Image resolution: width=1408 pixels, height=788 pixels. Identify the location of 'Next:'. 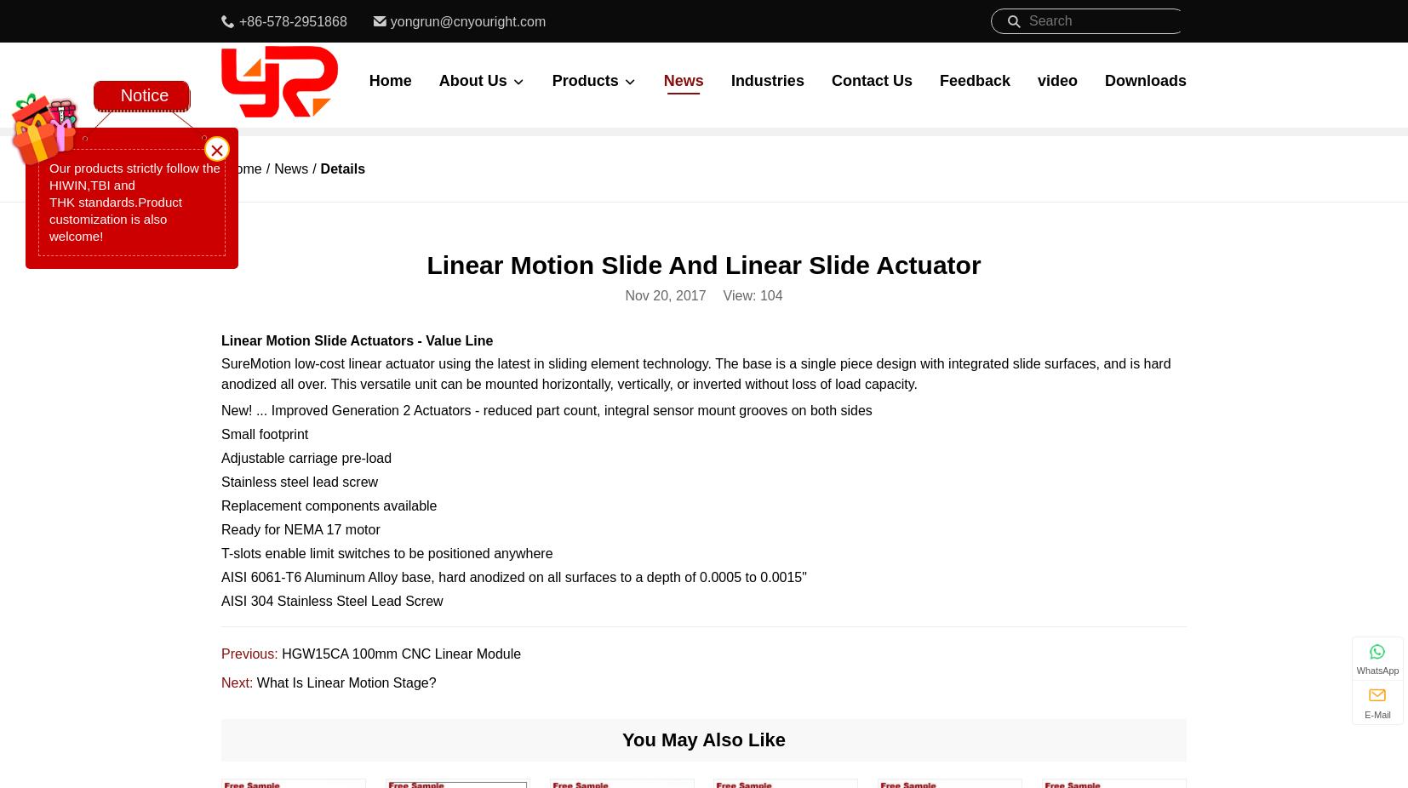
(238, 682).